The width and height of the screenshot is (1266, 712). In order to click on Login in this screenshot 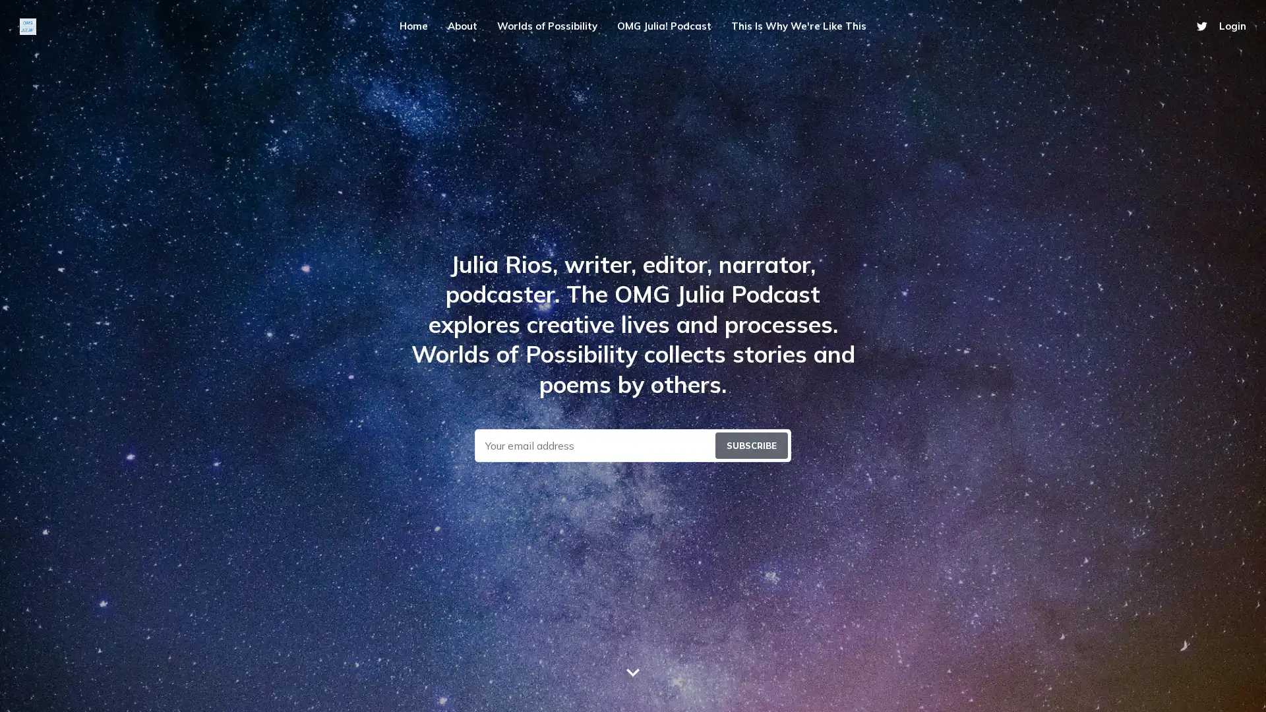, I will do `click(1232, 26)`.